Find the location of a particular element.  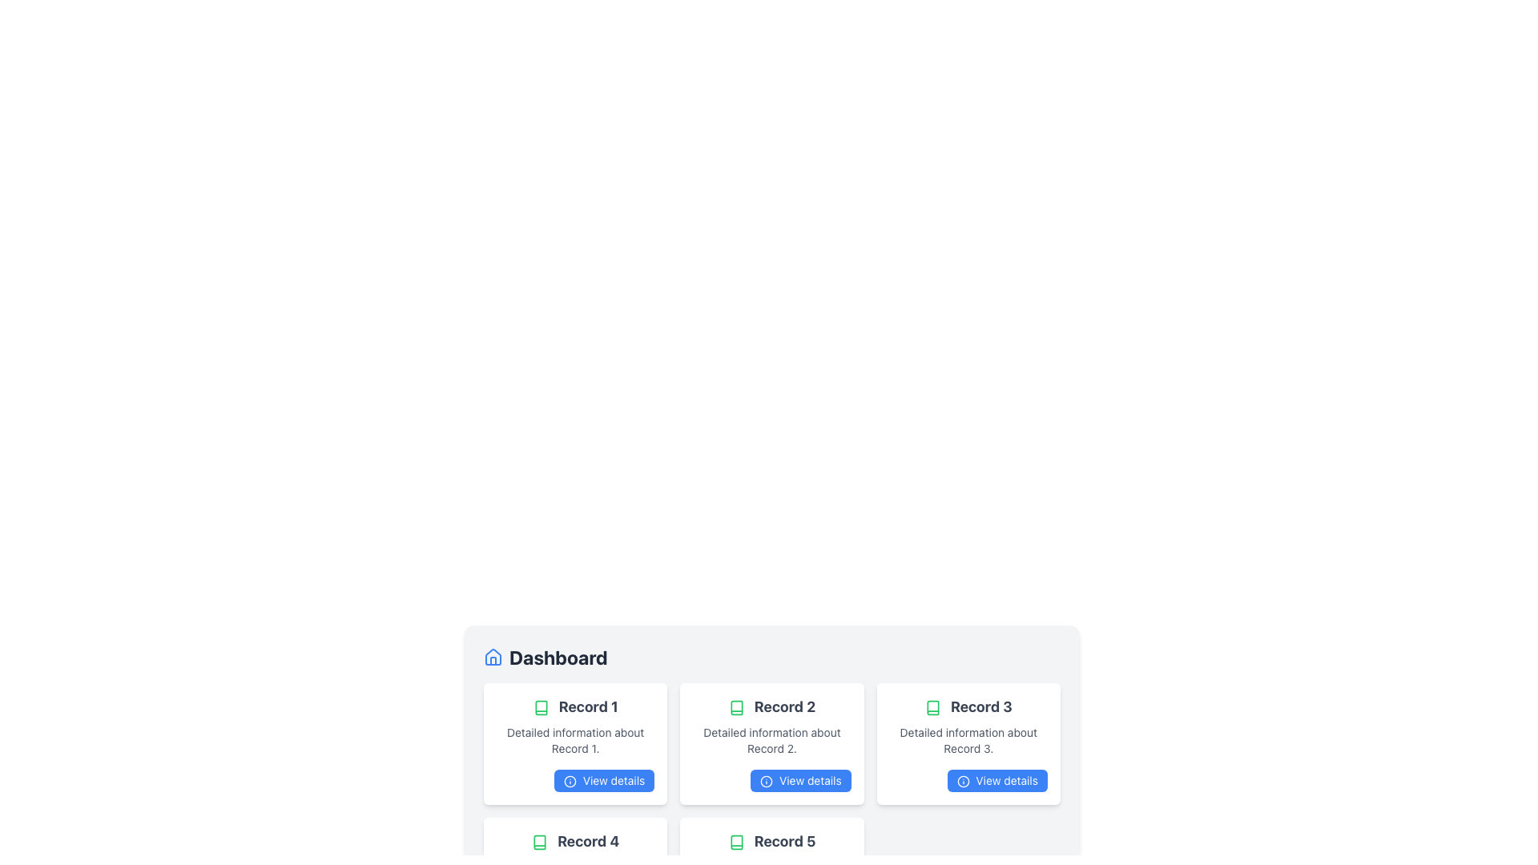

the text label that displays 'Record 3', which is styled in bold dark gray and located in the top-right card of a grid layout, next to a small green icon is located at coordinates (968, 706).